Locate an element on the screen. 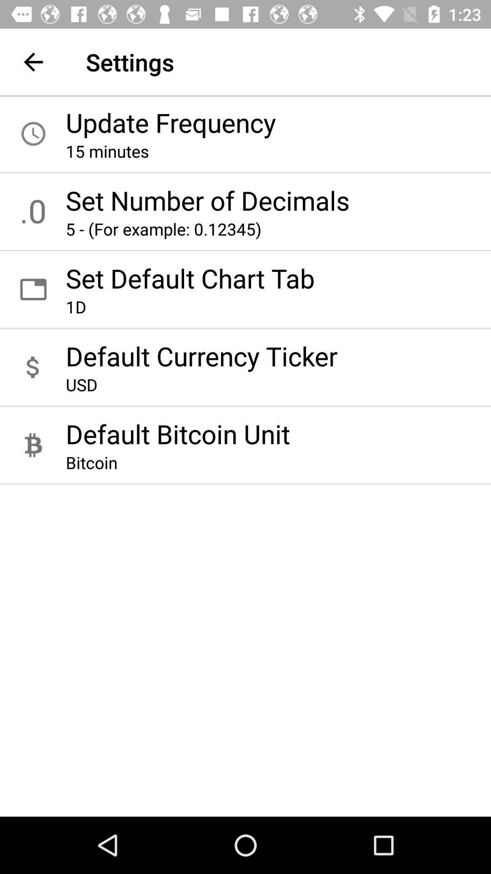  icon next to the settings is located at coordinates (33, 61).